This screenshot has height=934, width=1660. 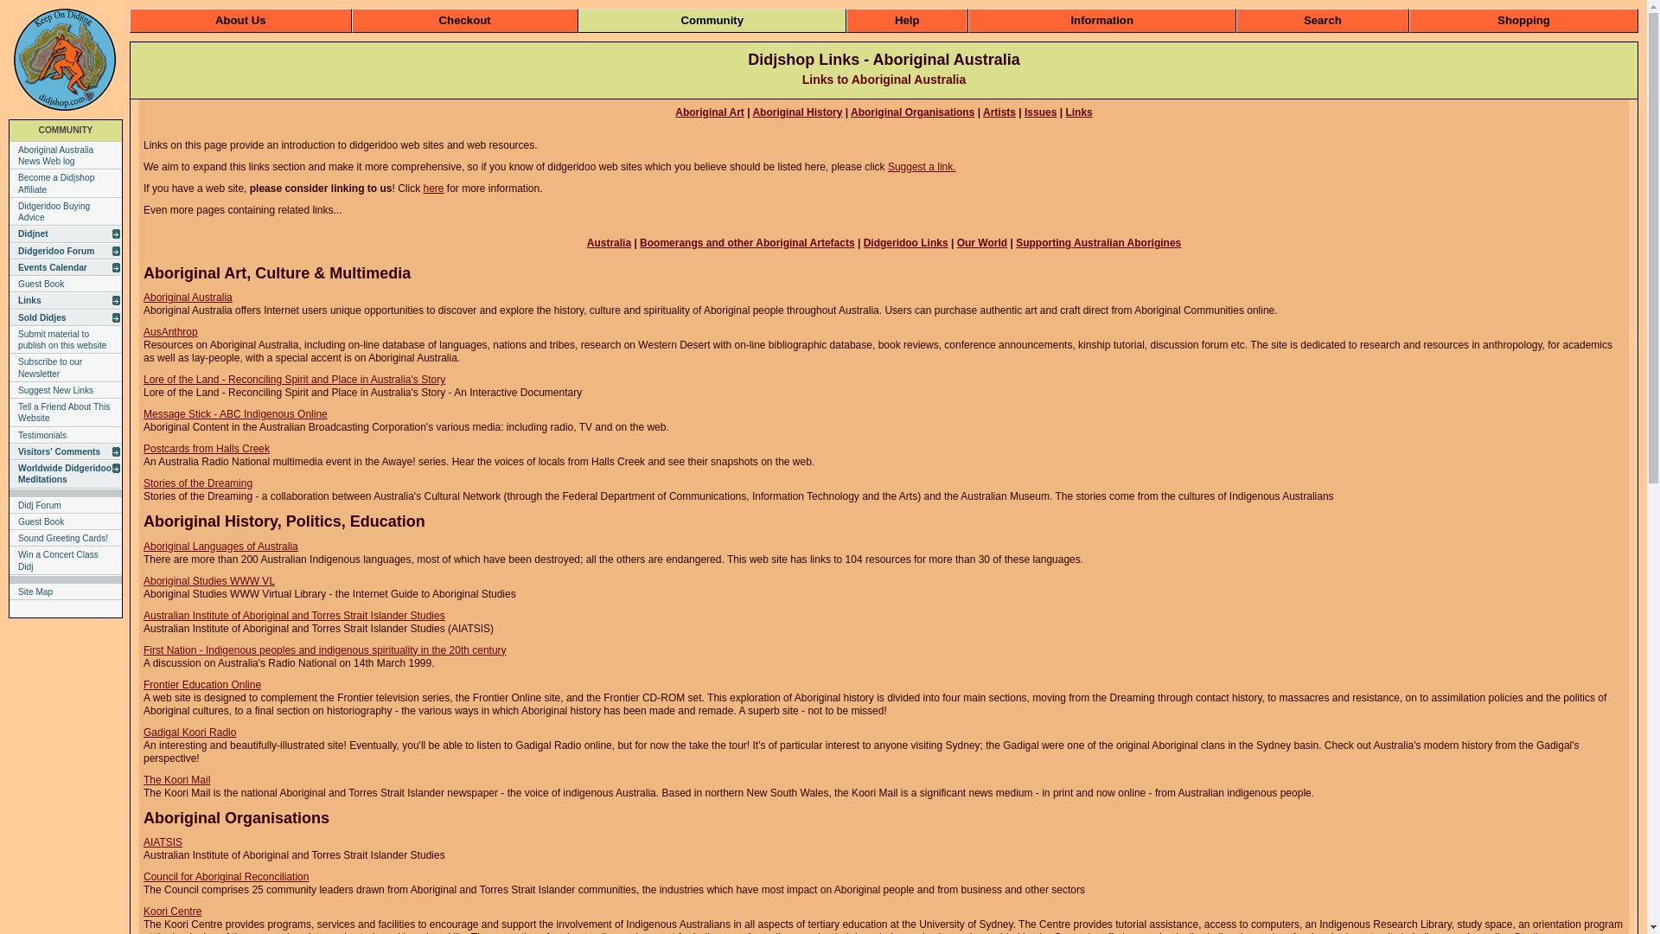 What do you see at coordinates (850, 112) in the screenshot?
I see `'Aboriginal Organisations'` at bounding box center [850, 112].